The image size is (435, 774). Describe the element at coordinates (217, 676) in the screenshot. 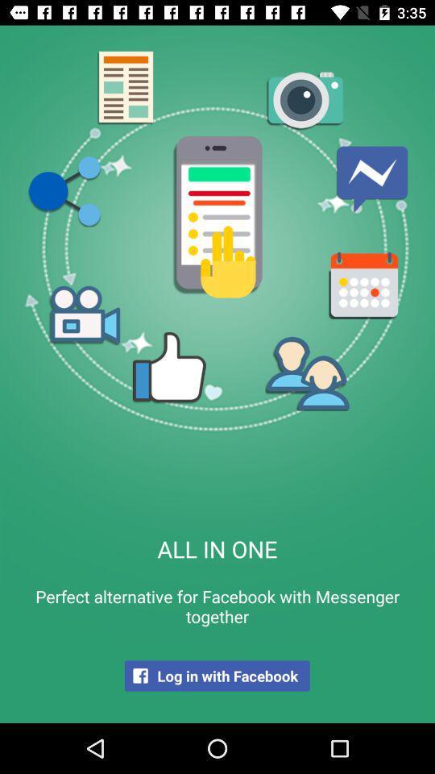

I see `item below perfect alternative for item` at that location.